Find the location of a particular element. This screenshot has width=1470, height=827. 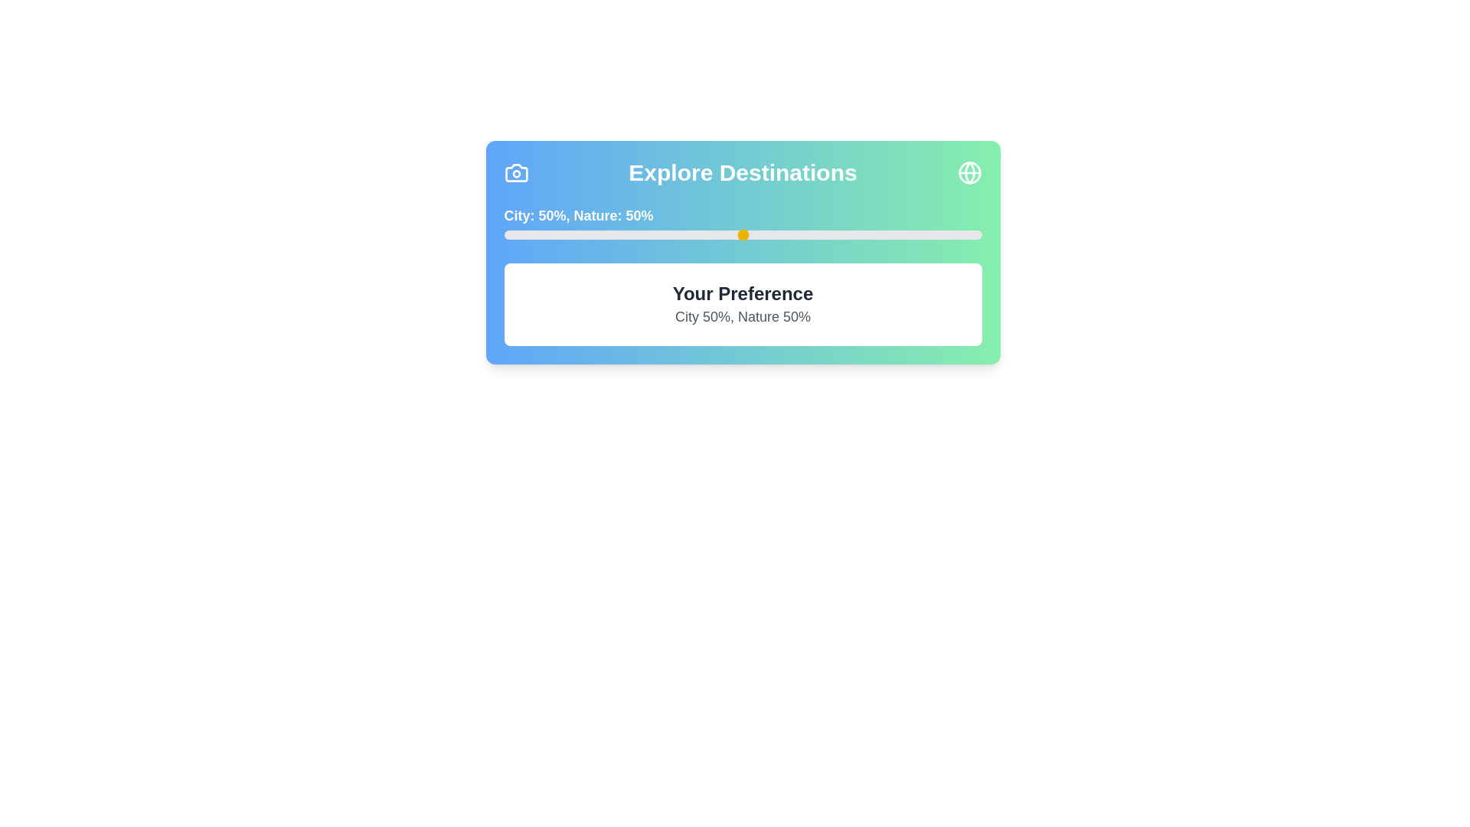

the slider to set the Nature preference to 4% is located at coordinates (523, 235).